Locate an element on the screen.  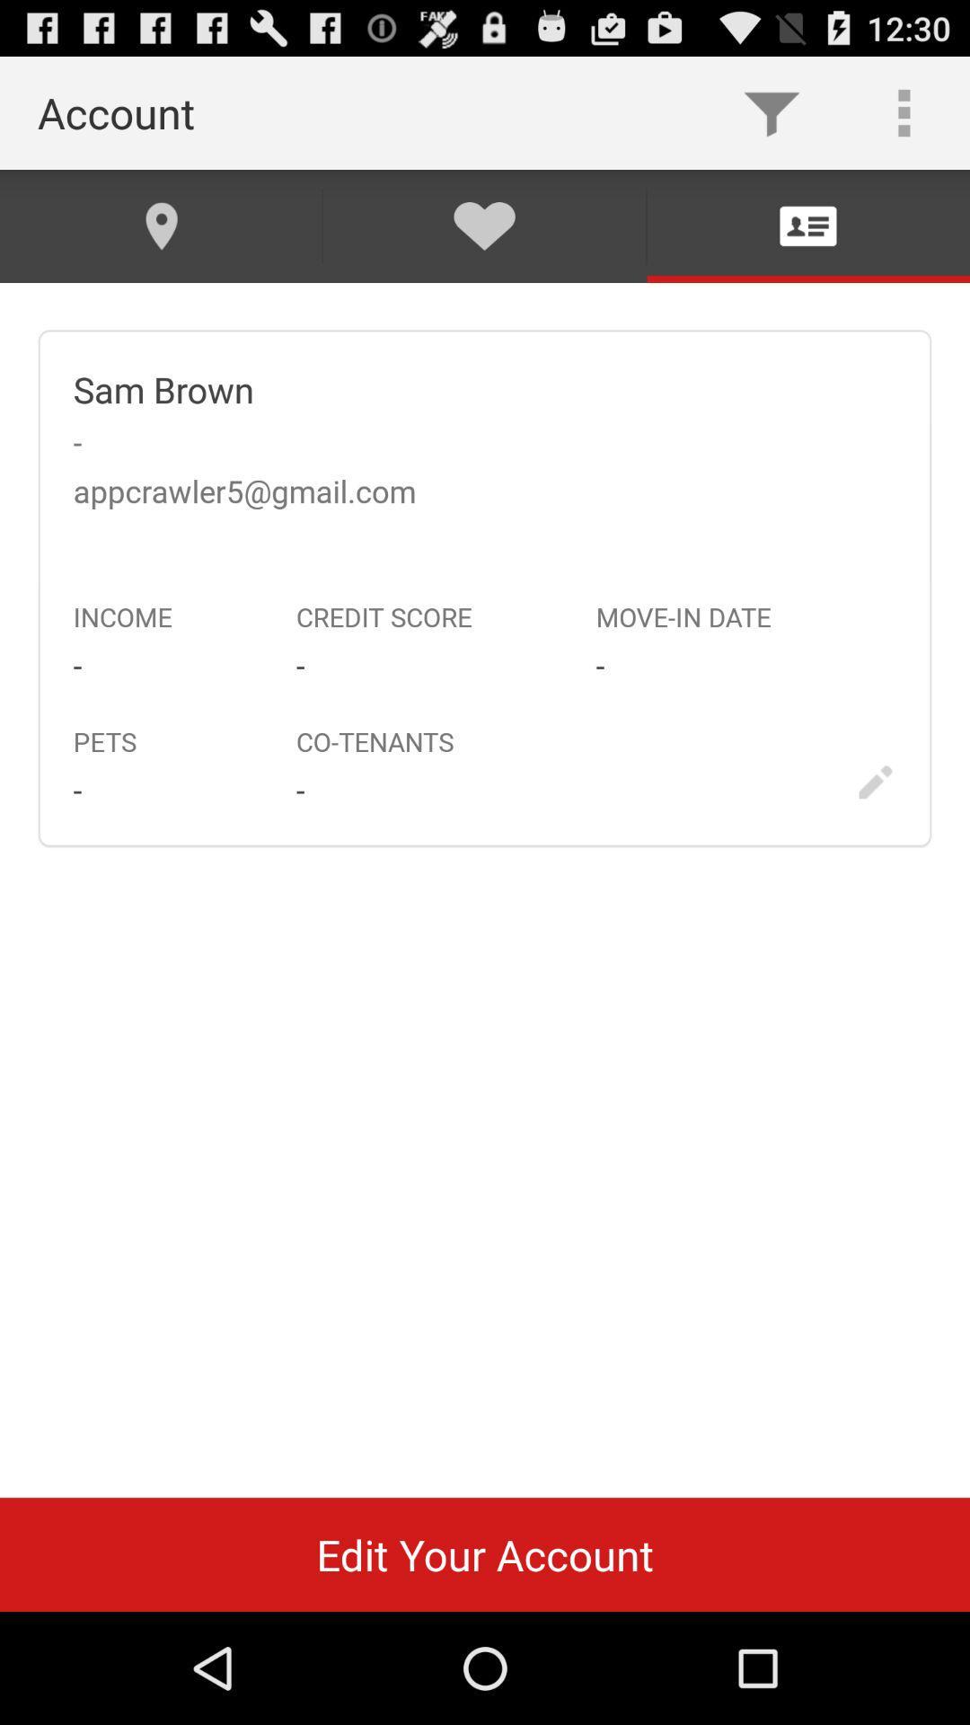
the item below the - item is located at coordinates (485, 1553).